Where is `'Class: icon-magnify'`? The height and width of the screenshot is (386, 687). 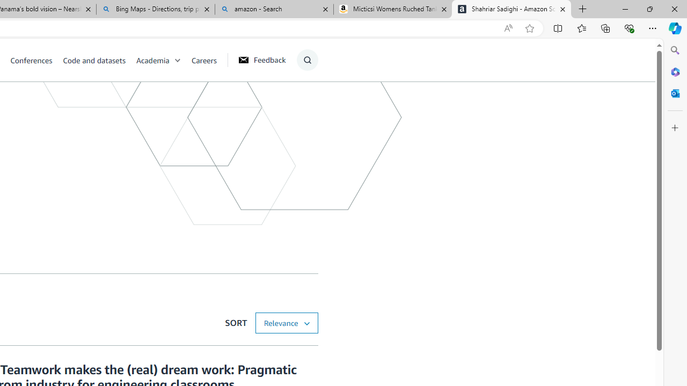 'Class: icon-magnify' is located at coordinates (306, 60).